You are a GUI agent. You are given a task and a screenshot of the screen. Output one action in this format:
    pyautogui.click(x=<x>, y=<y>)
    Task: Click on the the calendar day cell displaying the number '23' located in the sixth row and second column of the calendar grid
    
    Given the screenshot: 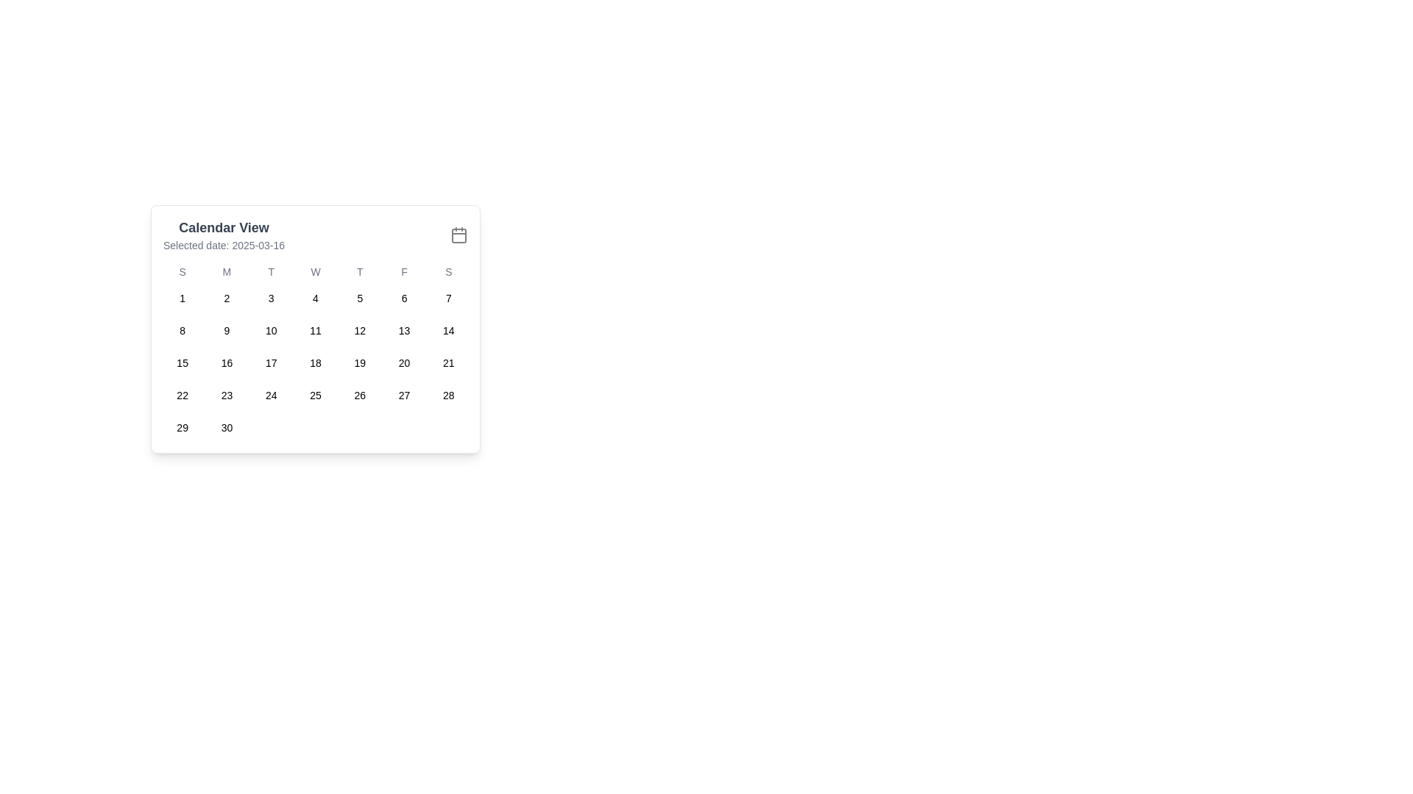 What is the action you would take?
    pyautogui.click(x=226, y=394)
    